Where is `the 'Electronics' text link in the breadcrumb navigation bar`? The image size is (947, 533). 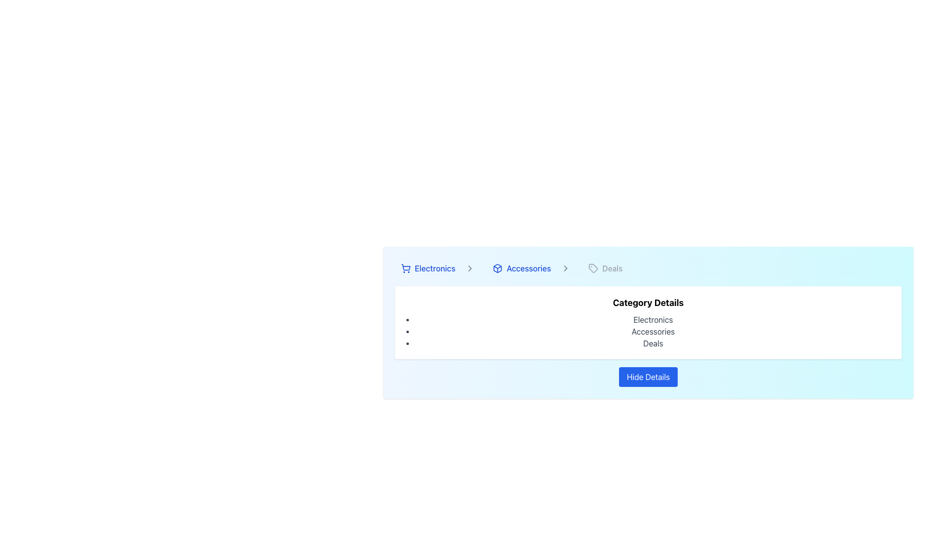 the 'Electronics' text link in the breadcrumb navigation bar is located at coordinates (428, 268).